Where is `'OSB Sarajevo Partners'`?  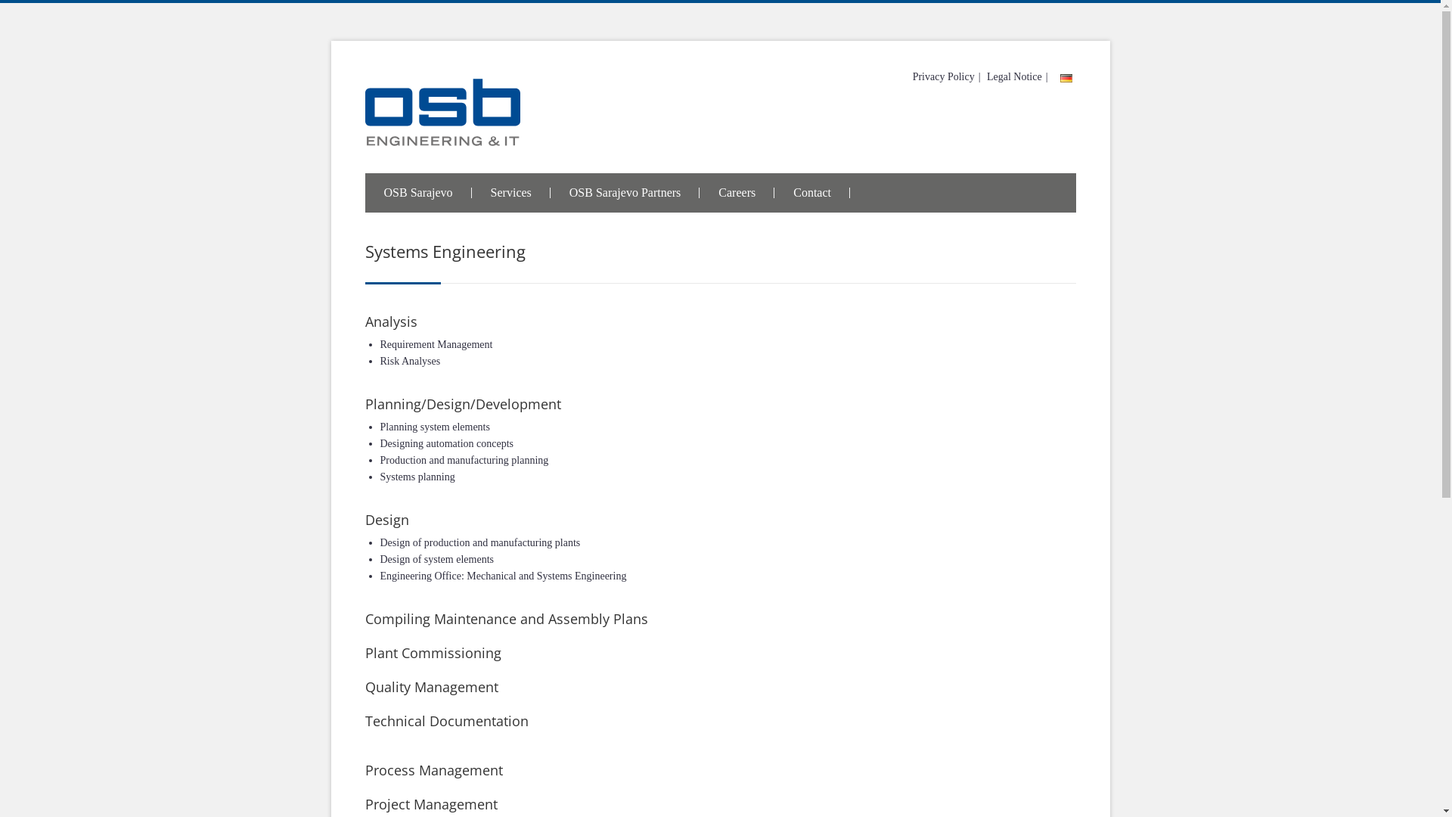
'OSB Sarajevo Partners' is located at coordinates (625, 191).